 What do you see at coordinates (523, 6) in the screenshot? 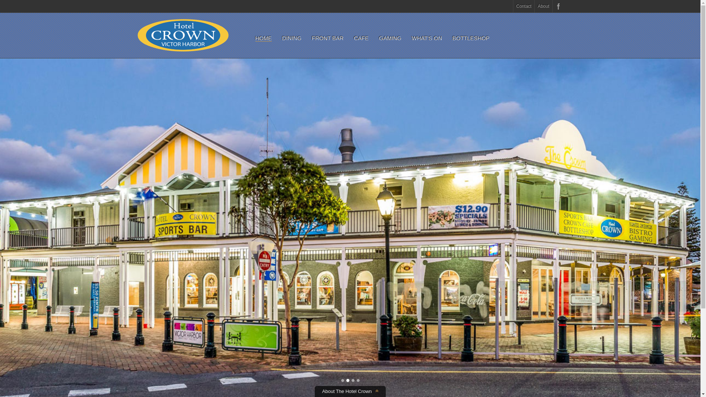
I see `'Contact'` at bounding box center [523, 6].